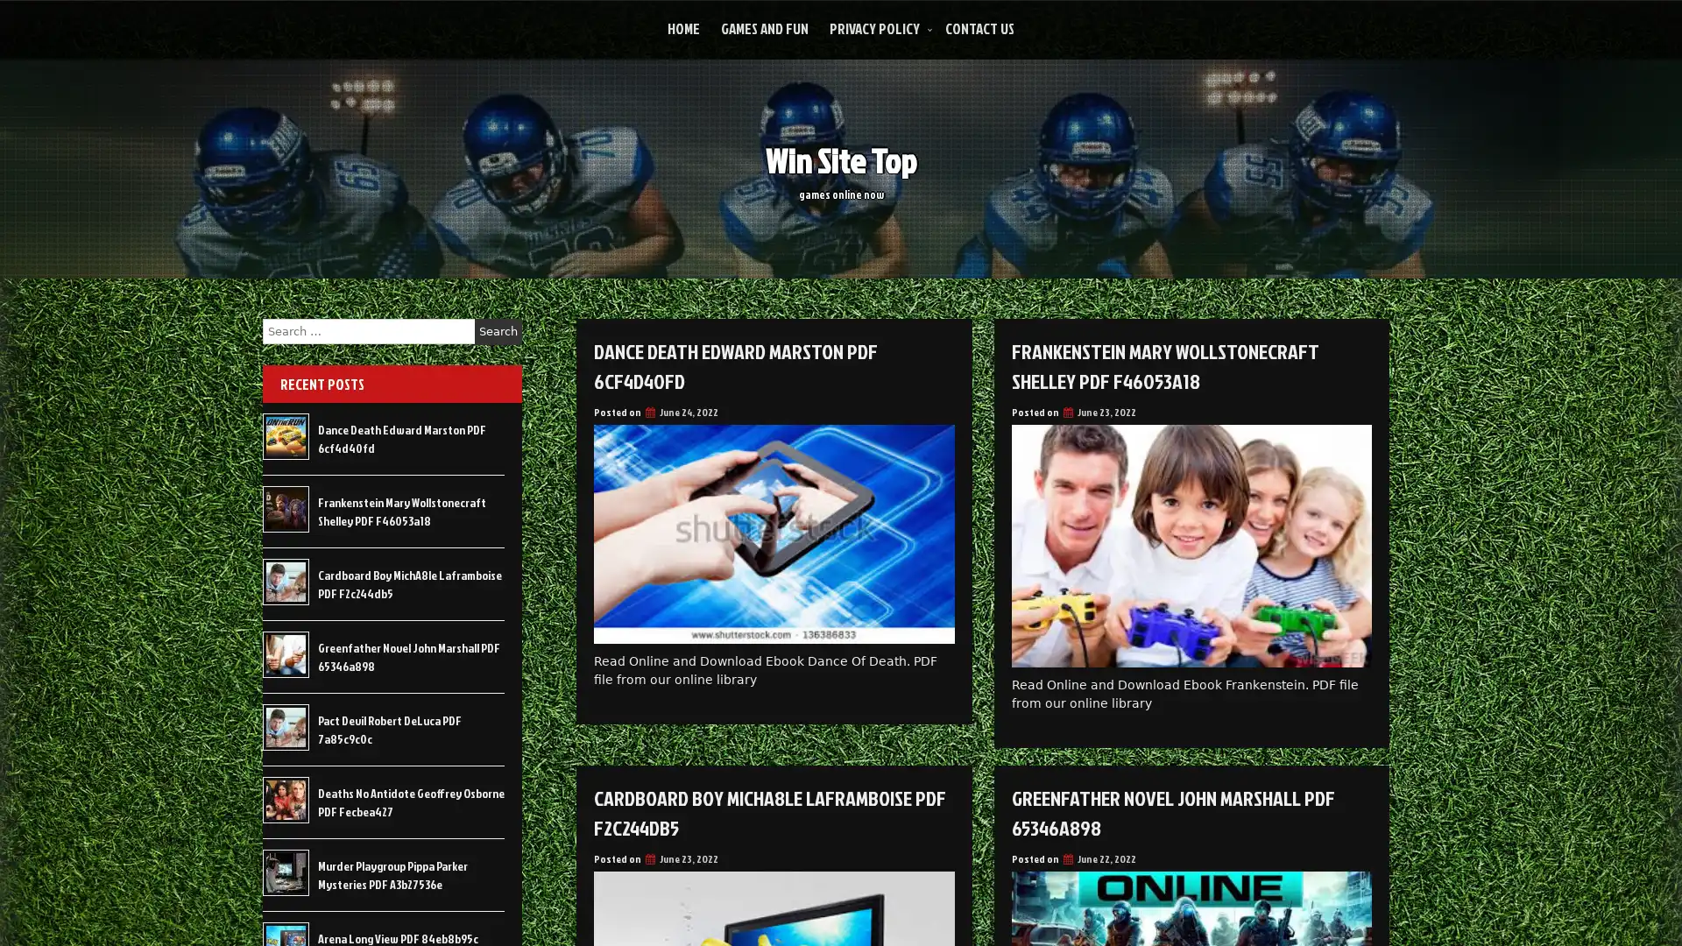  I want to click on Search, so click(498, 331).